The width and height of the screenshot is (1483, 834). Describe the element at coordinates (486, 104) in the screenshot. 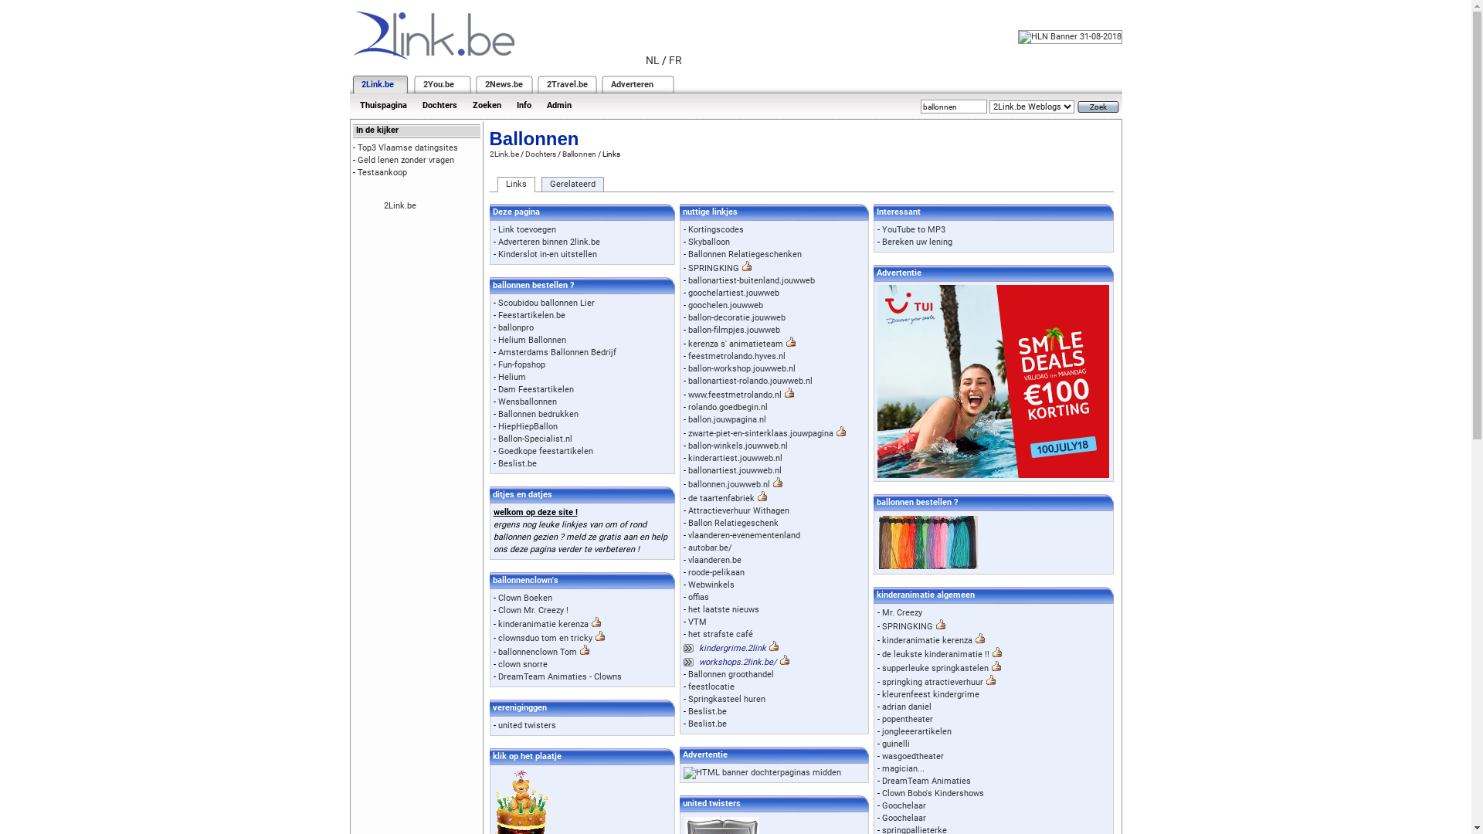

I see `'Zoeken'` at that location.